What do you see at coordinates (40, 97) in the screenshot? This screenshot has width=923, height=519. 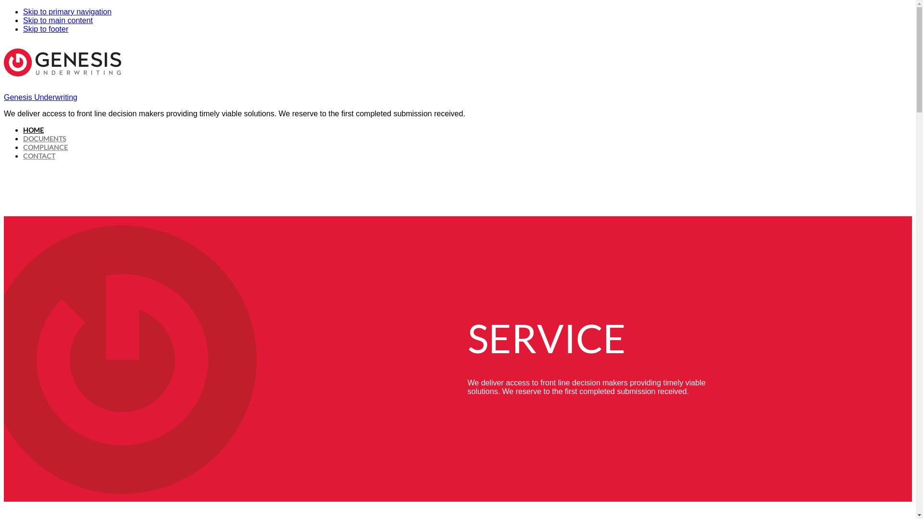 I see `'Genesis Underwriting'` at bounding box center [40, 97].